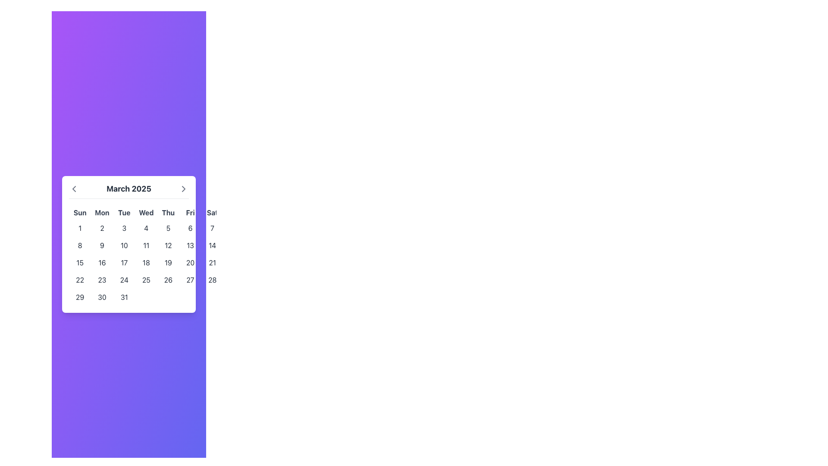  What do you see at coordinates (212, 280) in the screenshot?
I see `the Text display element representing the number '28' in the calendar interface, located at the far right of the row` at bounding box center [212, 280].